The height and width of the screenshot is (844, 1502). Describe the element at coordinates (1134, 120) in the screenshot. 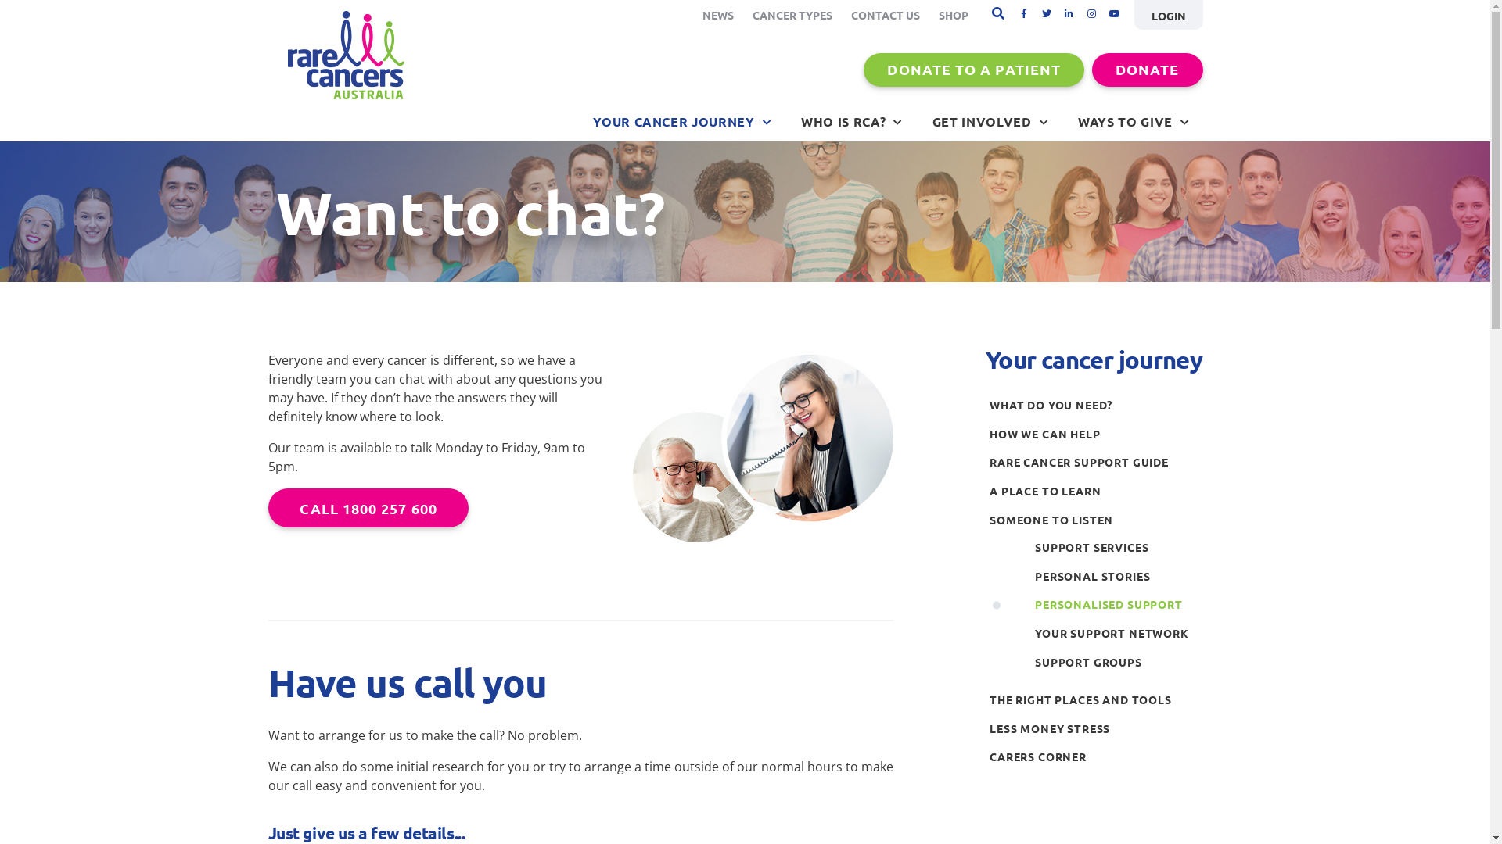

I see `'WAYS TO GIVE'` at that location.